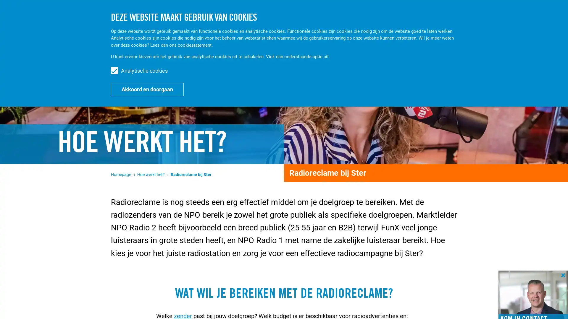 The width and height of the screenshot is (568, 319). I want to click on Zoeken, so click(507, 14).